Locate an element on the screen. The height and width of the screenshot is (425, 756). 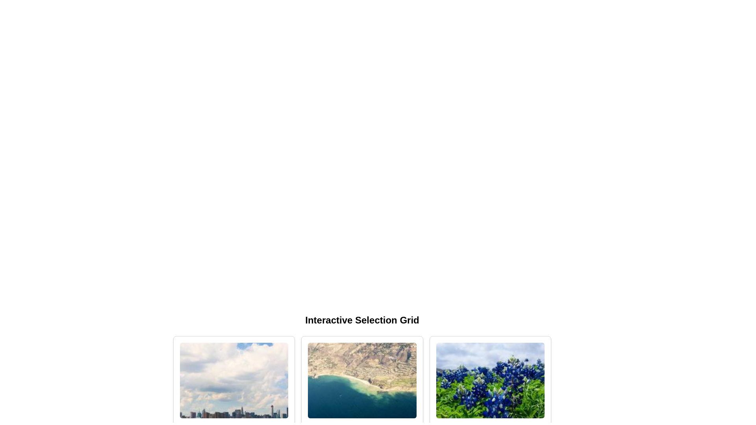
the image of item Item 1 to view its larger version is located at coordinates (233, 380).